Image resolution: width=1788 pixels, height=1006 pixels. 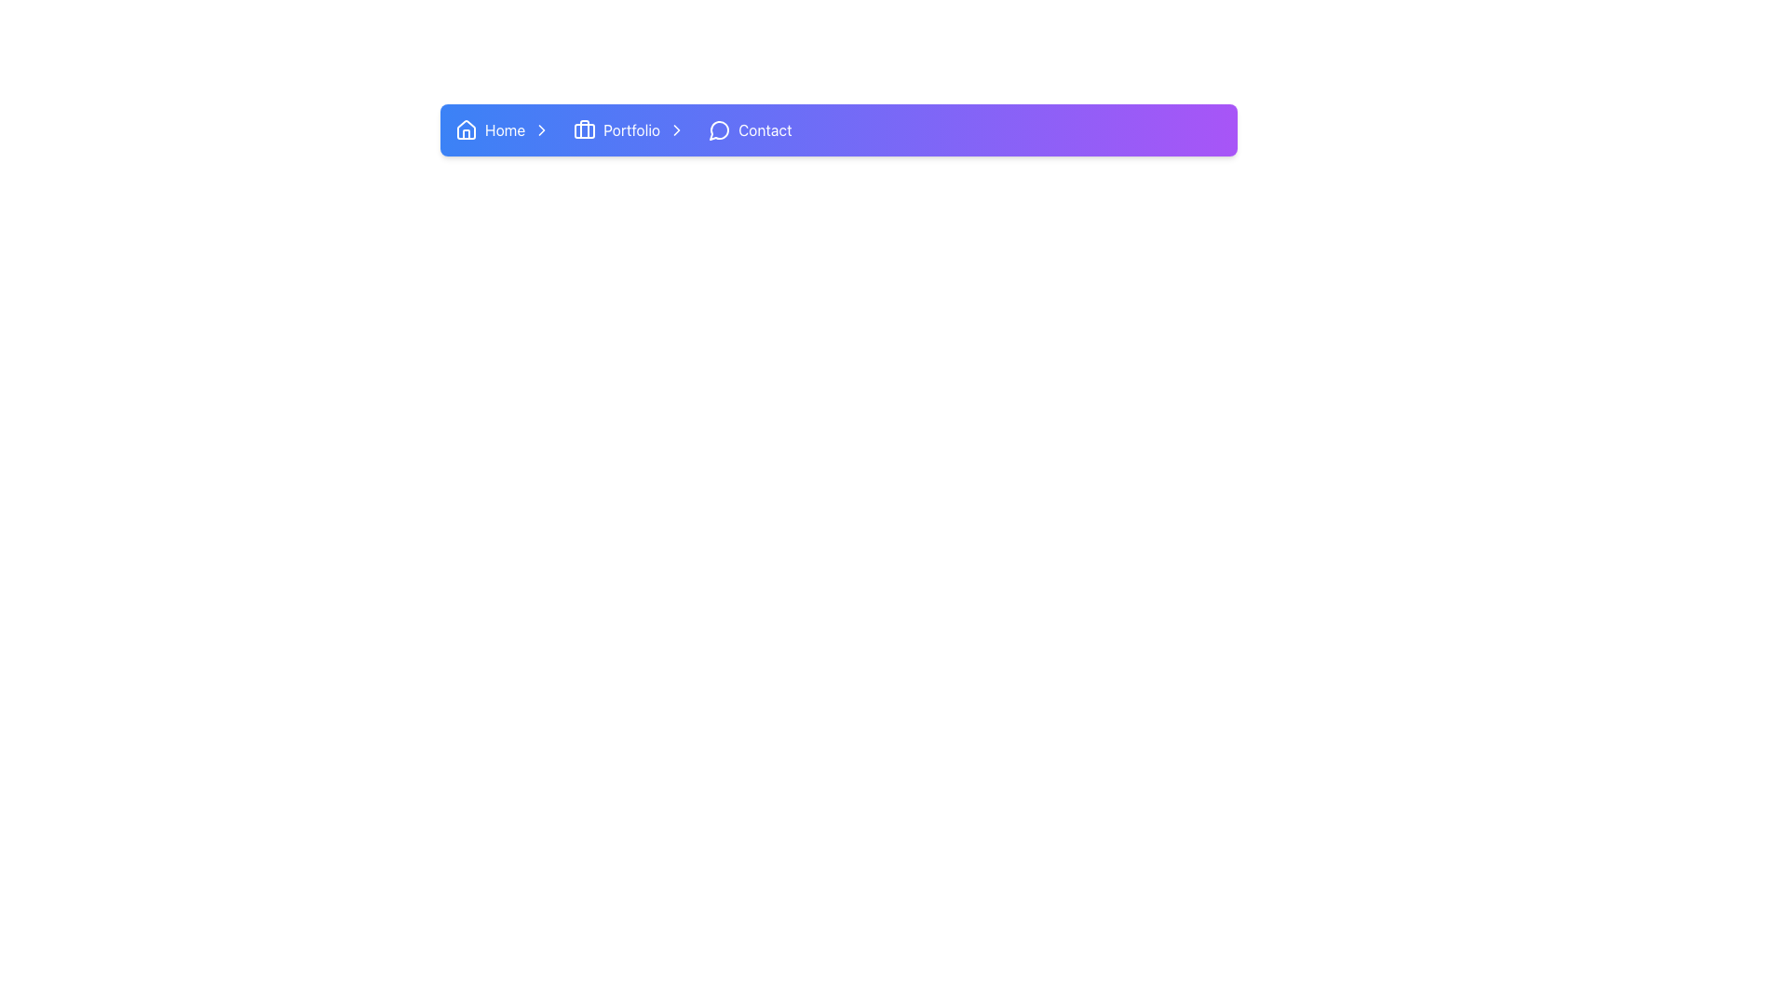 What do you see at coordinates (838, 129) in the screenshot?
I see `the Navigation Bar for accessibility` at bounding box center [838, 129].